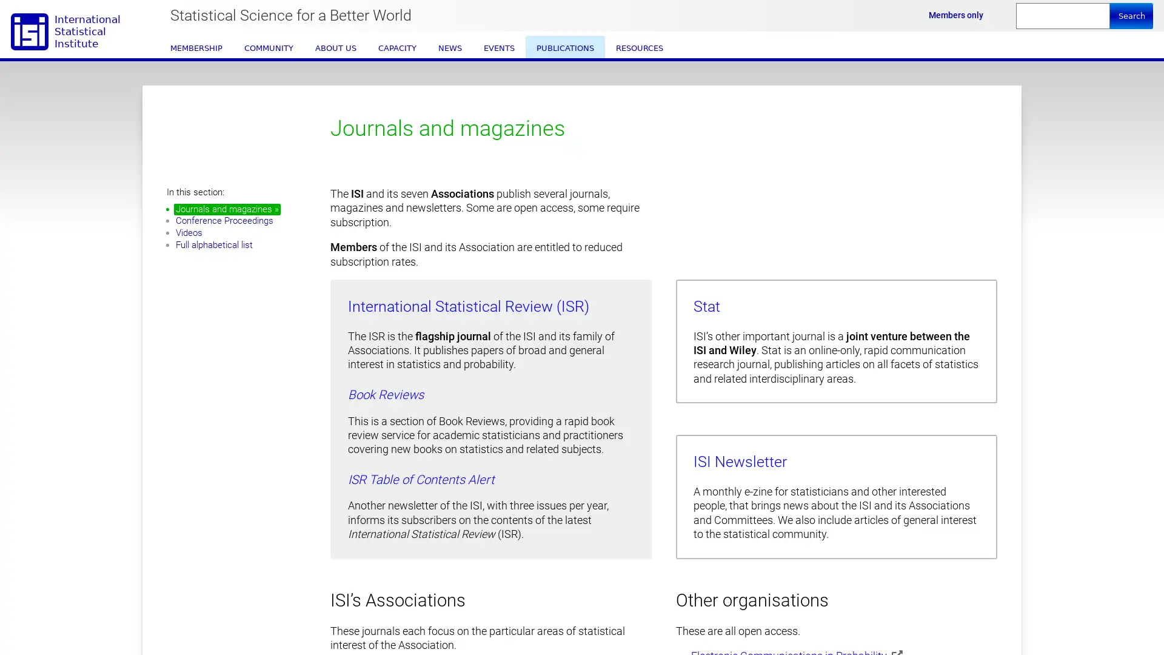 This screenshot has height=655, width=1164. I want to click on Search, so click(1131, 16).